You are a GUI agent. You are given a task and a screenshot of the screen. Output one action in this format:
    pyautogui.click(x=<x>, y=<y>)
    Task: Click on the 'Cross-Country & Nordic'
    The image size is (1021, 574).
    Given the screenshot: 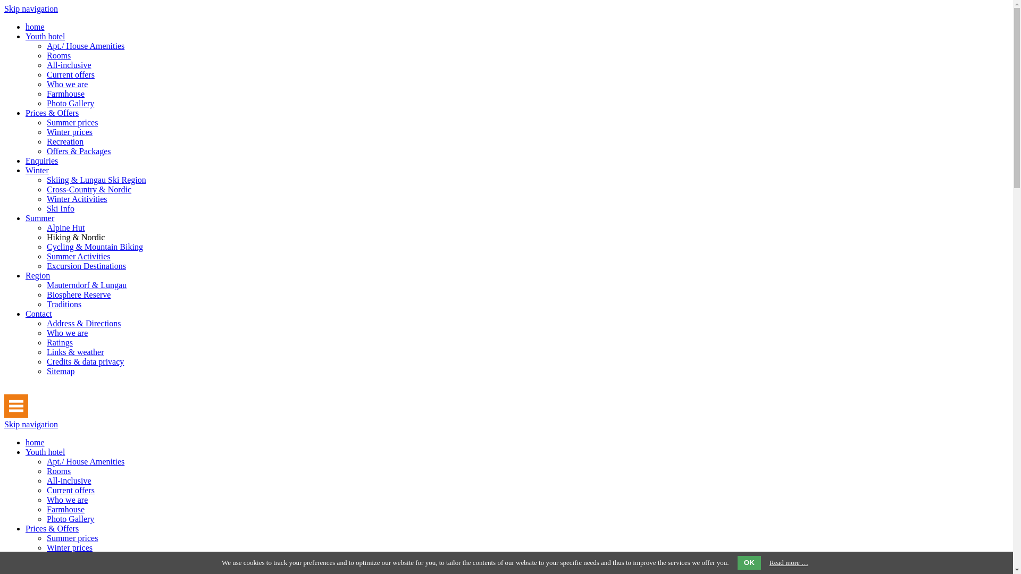 What is the action you would take?
    pyautogui.click(x=89, y=189)
    